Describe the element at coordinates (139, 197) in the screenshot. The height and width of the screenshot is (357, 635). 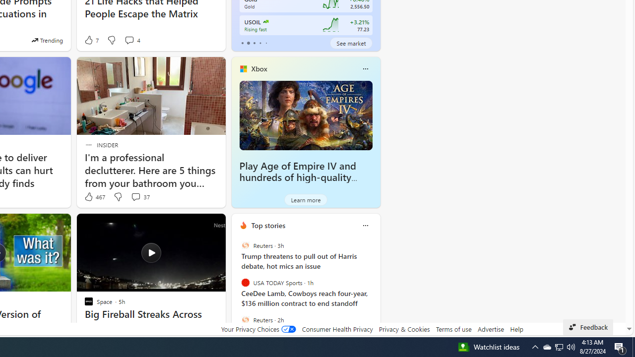
I see `'View comments 37 Comment'` at that location.